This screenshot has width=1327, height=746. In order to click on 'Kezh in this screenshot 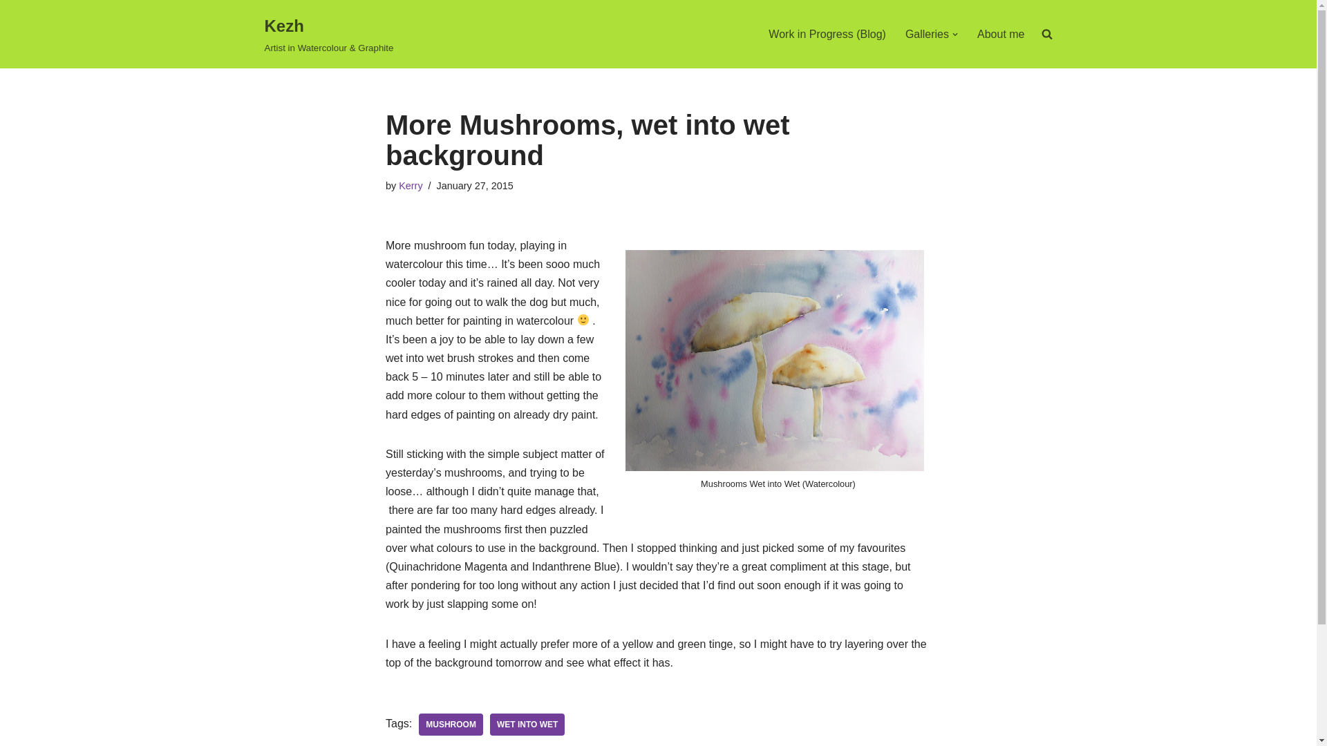, I will do `click(328, 33)`.